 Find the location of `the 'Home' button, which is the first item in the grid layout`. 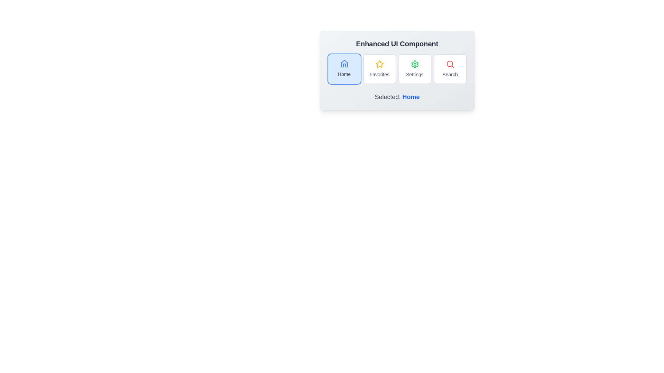

the 'Home' button, which is the first item in the grid layout is located at coordinates (344, 69).